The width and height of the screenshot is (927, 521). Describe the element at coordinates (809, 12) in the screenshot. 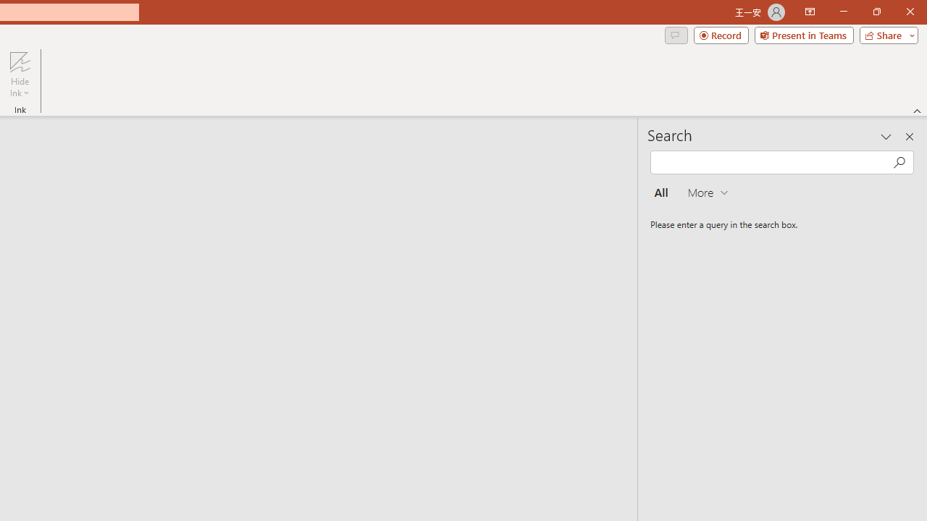

I see `'Ribbon Display Options'` at that location.